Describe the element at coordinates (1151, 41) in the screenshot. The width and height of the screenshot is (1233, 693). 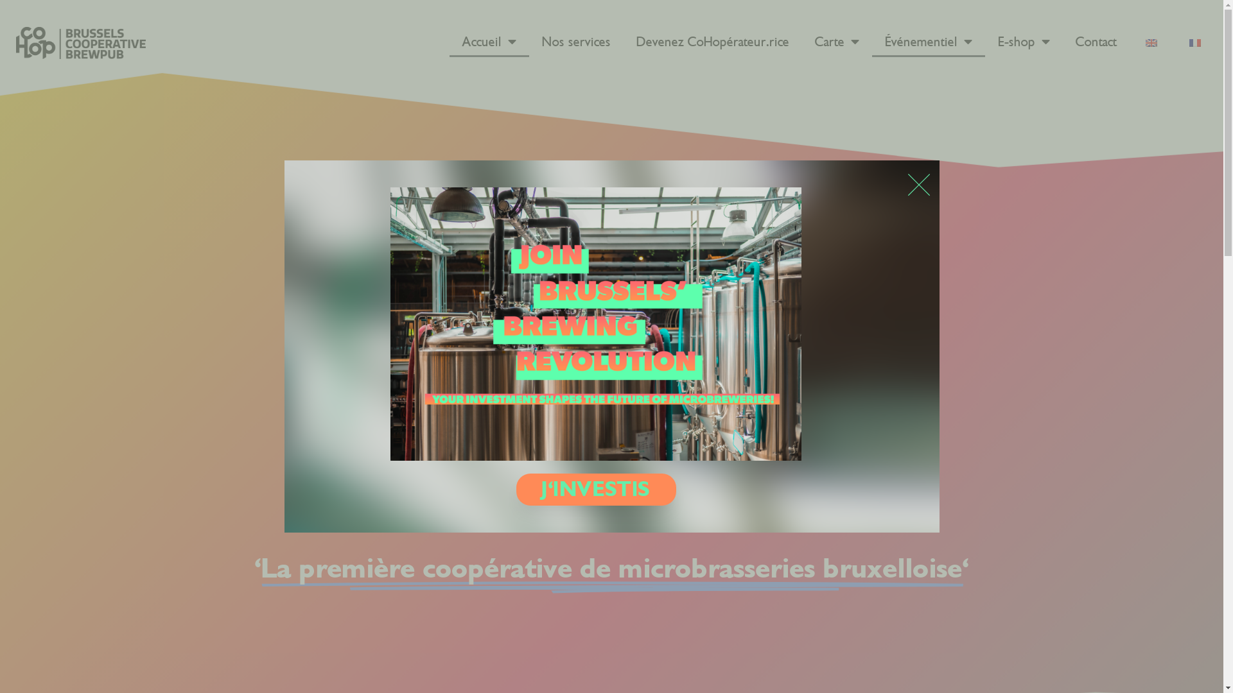
I see `'English (UK)'` at that location.